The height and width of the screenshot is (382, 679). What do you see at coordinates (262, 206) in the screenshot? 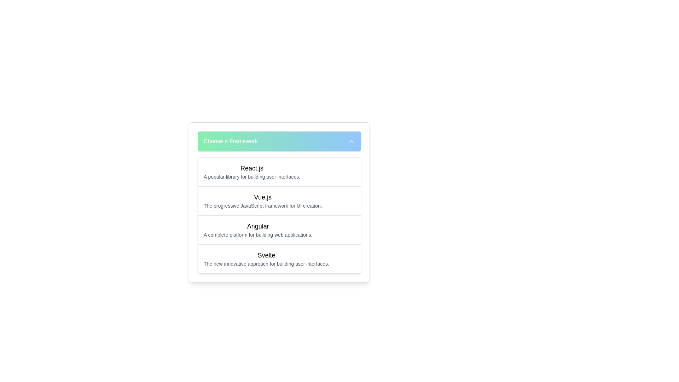
I see `the static text displaying the message 'The progressive JavaScript framework for UI creation.', which is styled in gray and located below the title 'Vue.js'` at bounding box center [262, 206].